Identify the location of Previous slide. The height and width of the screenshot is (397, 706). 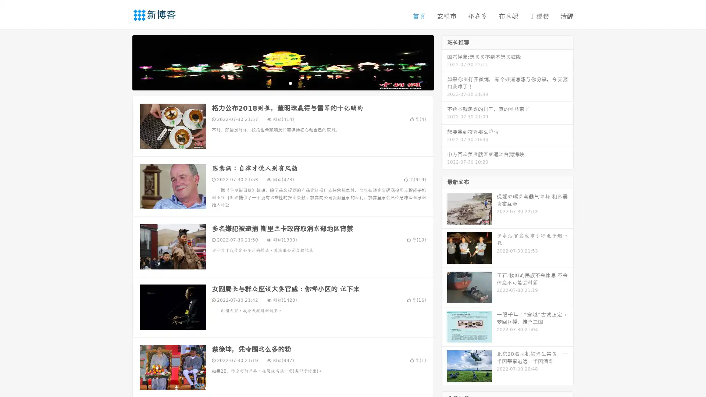
(121, 62).